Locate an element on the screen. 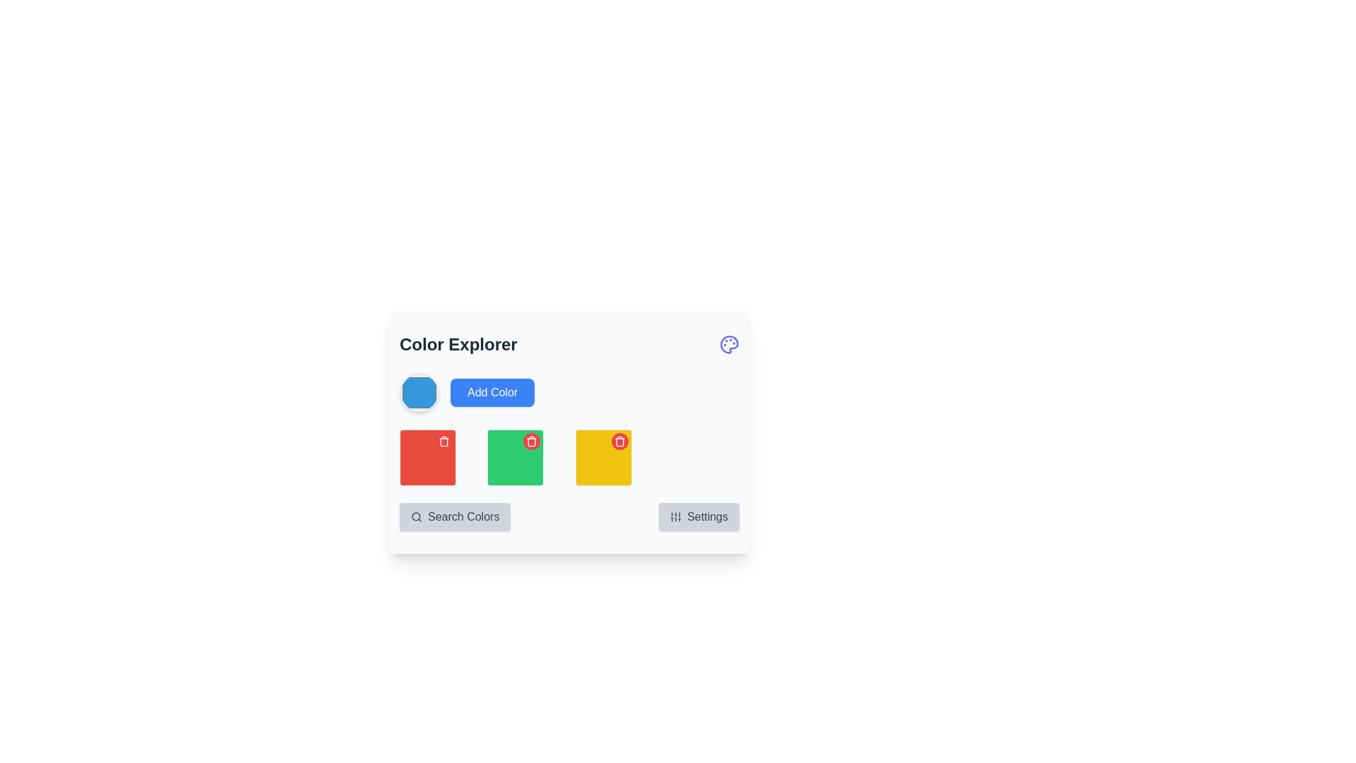 The height and width of the screenshot is (763, 1356). the blue rectangular button labeled 'Add Color' located below the 'Color Explorer' heading, positioned to the right of a circular color preview component is located at coordinates (492, 392).